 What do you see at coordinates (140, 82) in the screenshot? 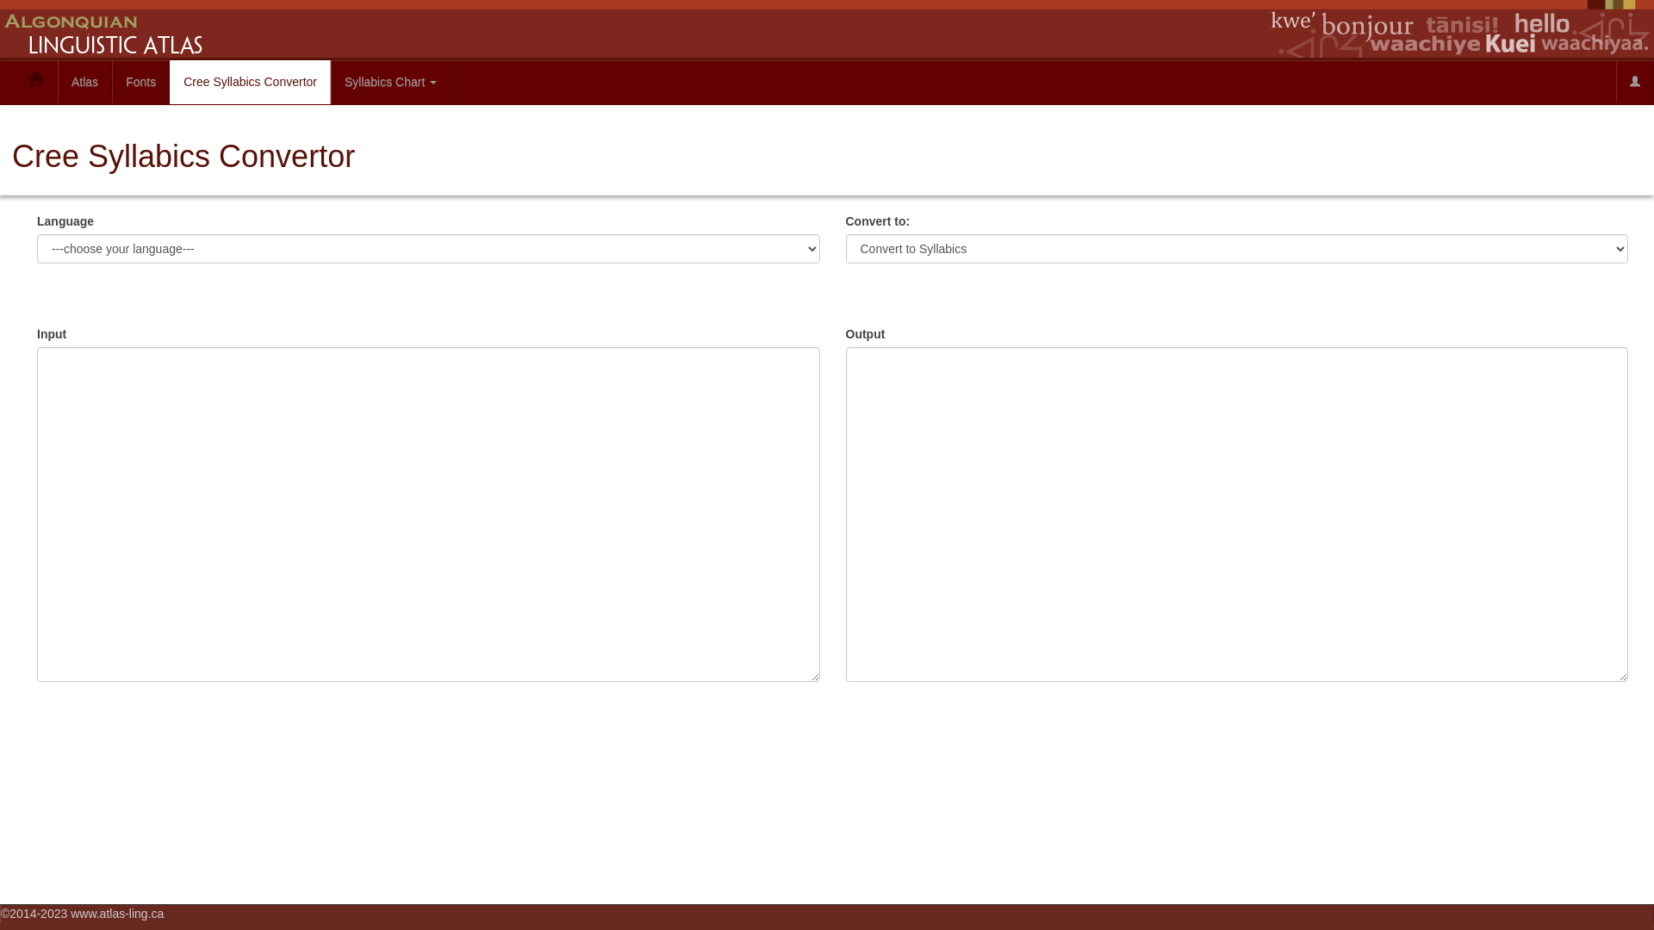
I see `'Fonts'` at bounding box center [140, 82].